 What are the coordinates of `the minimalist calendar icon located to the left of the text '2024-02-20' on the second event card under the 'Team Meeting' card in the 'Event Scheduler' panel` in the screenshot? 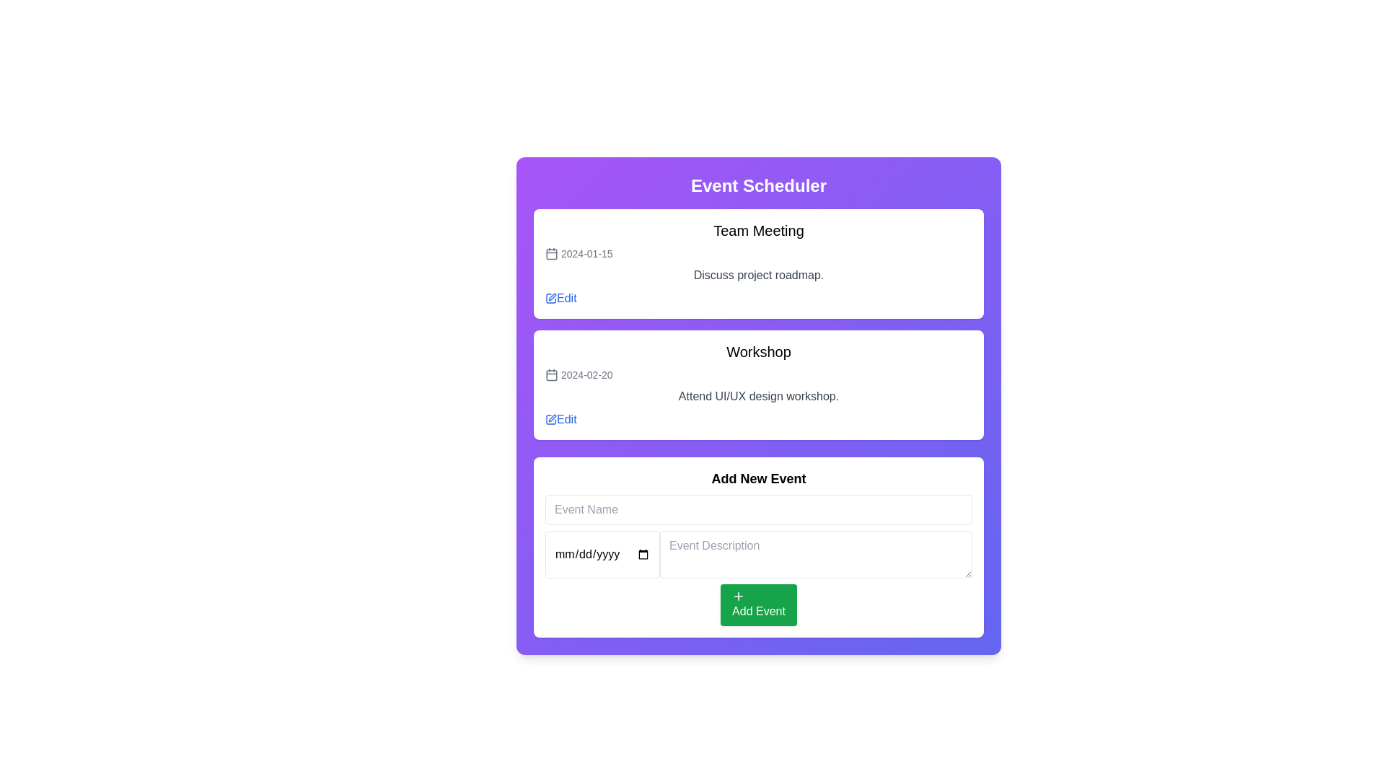 It's located at (550, 374).